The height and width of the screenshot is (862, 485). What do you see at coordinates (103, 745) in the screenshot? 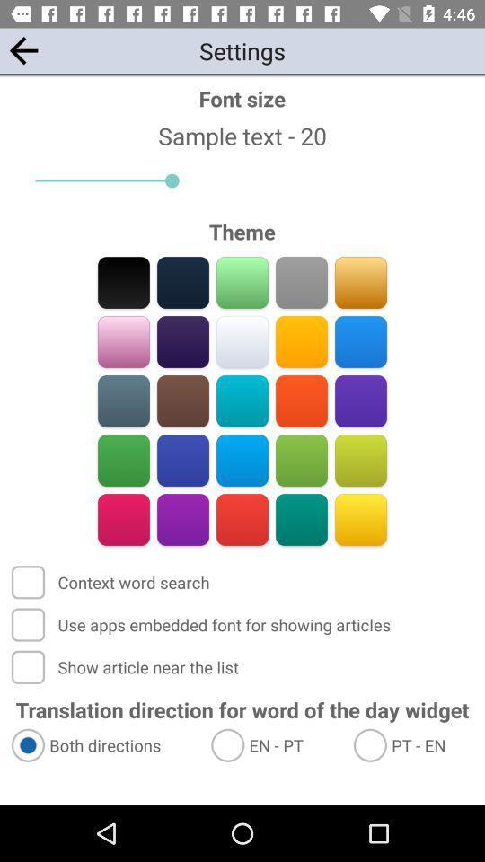
I see `the both directions icon` at bounding box center [103, 745].